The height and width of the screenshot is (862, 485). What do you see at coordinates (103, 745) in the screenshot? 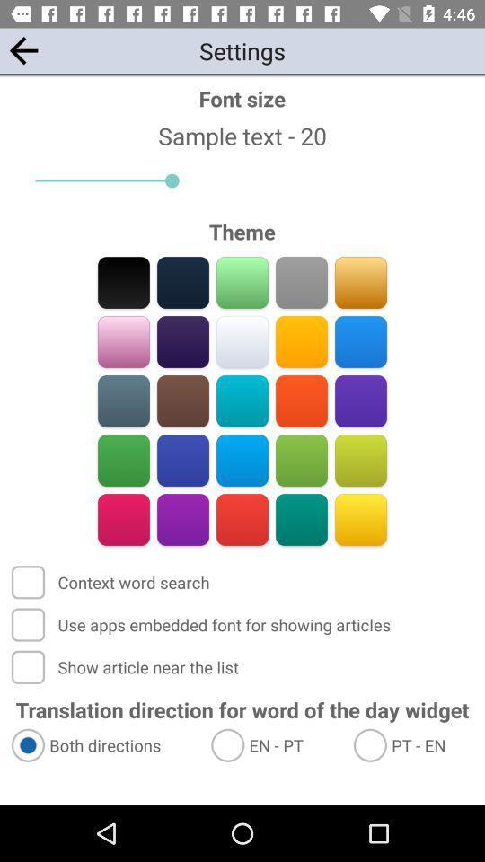
I see `the both directions icon` at bounding box center [103, 745].